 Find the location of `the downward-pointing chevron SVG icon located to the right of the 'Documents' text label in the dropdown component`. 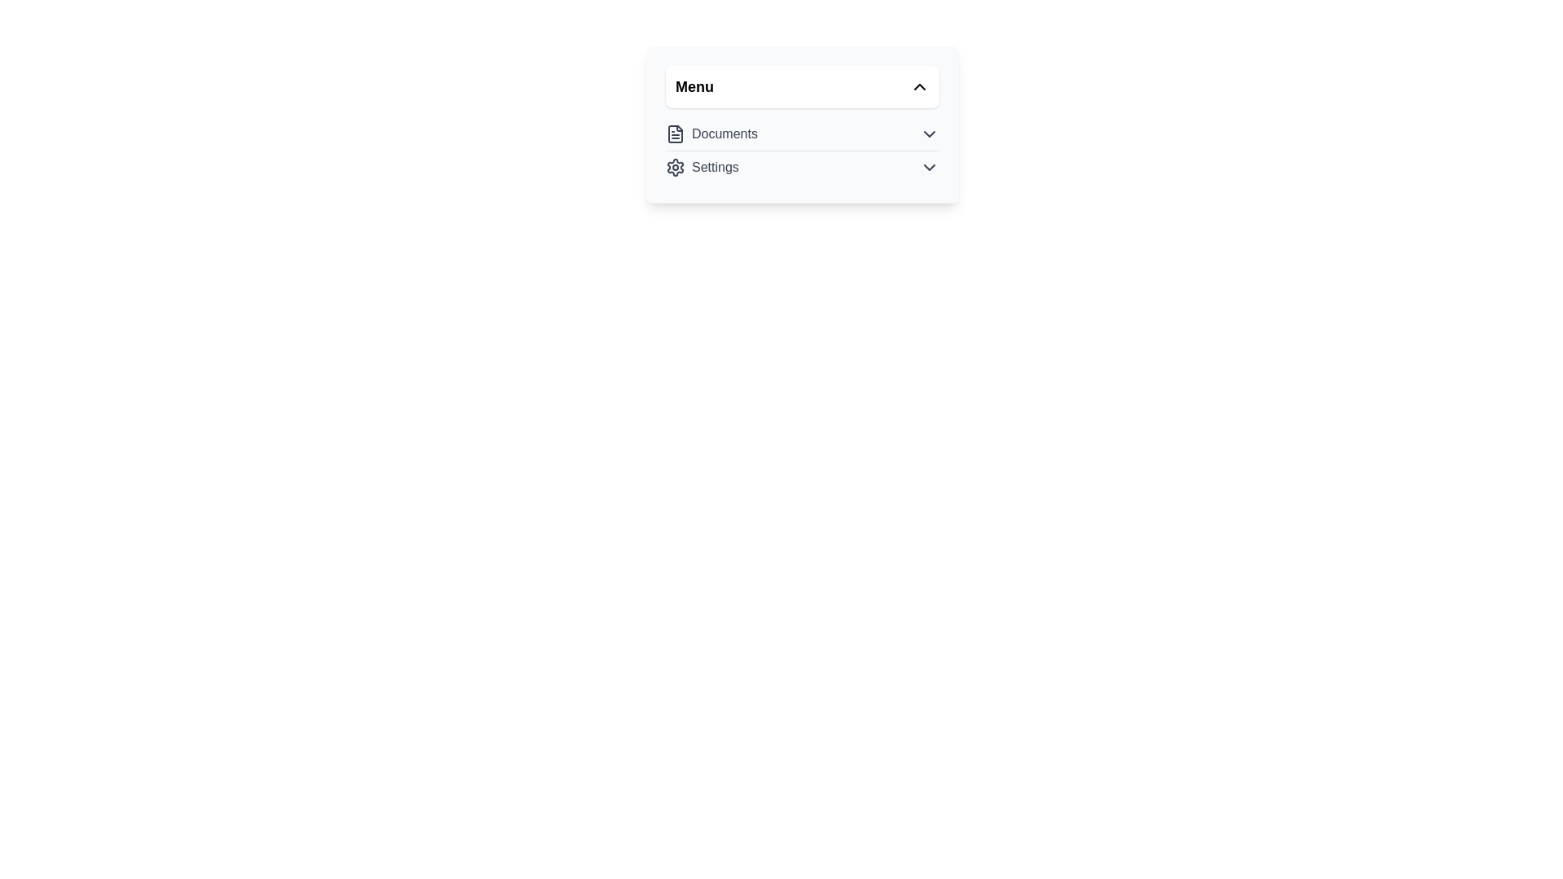

the downward-pointing chevron SVG icon located to the right of the 'Documents' text label in the dropdown component is located at coordinates (930, 133).